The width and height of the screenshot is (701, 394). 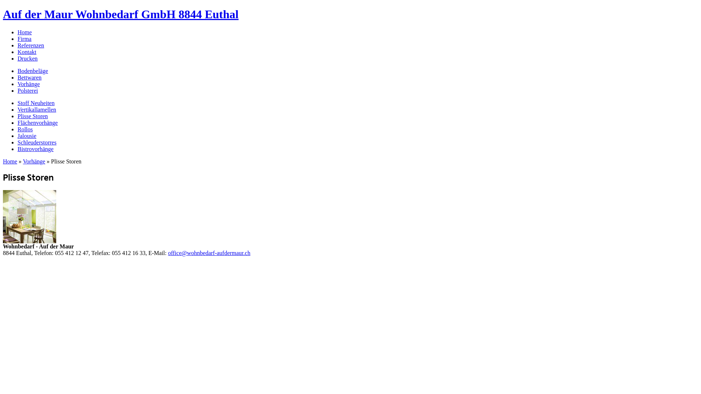 I want to click on 'office@wohnbedarf-aufdermaur.ch', so click(x=208, y=252).